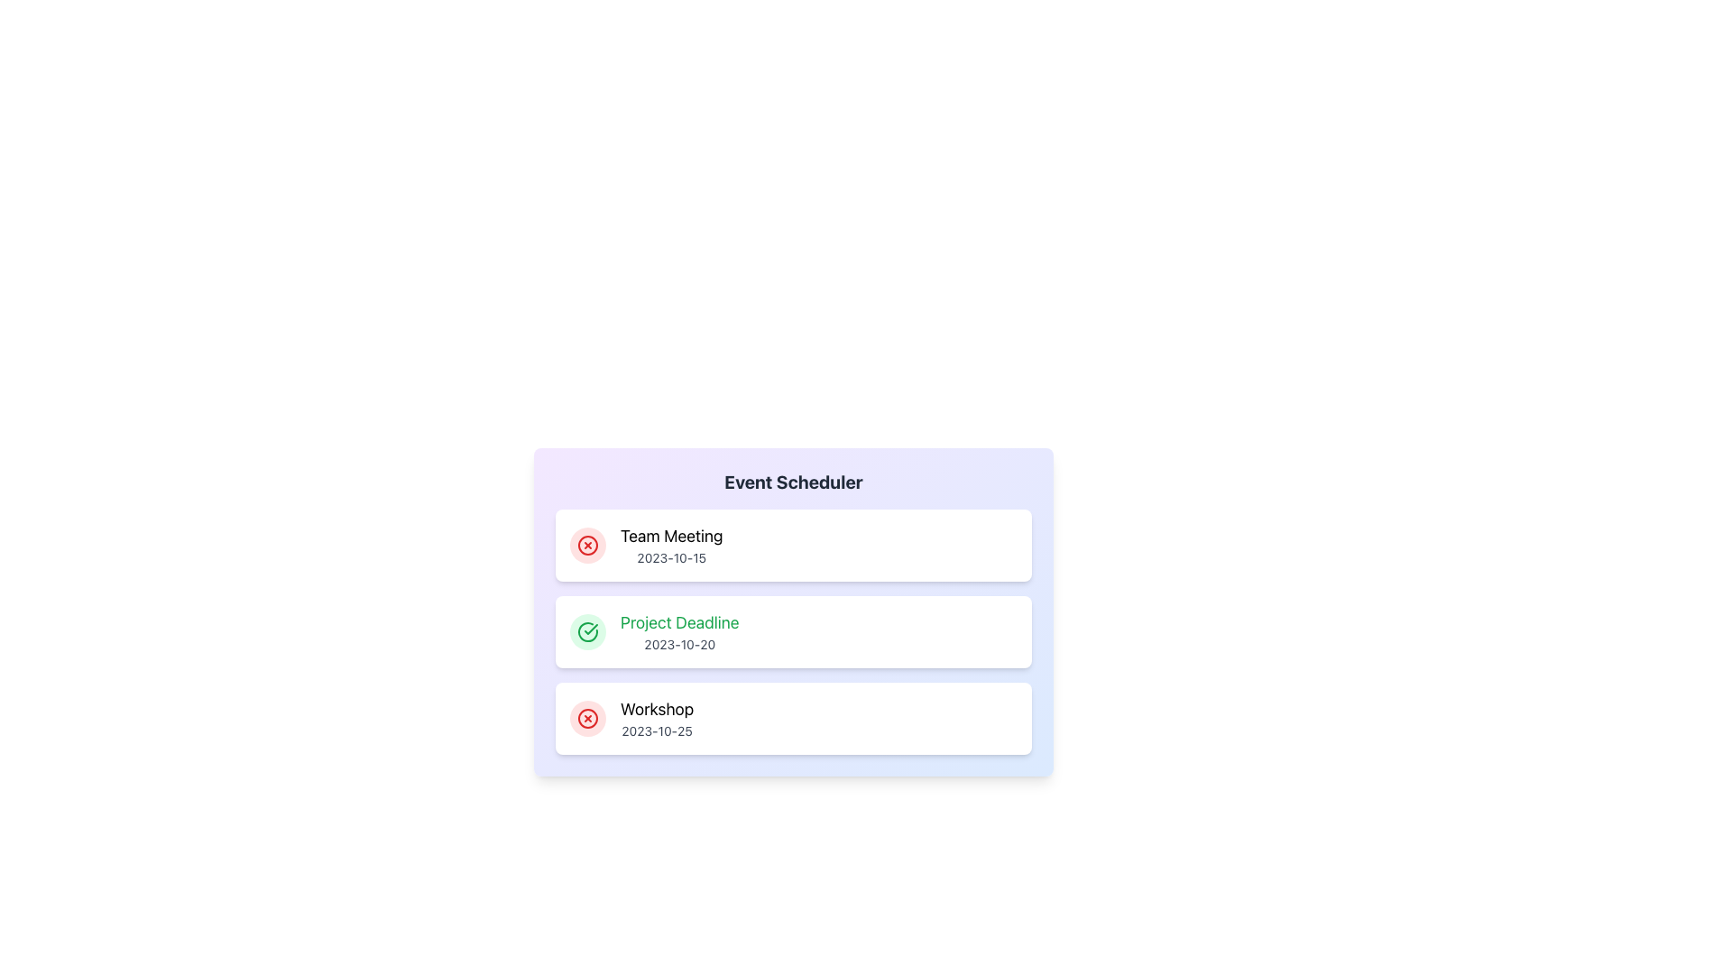 This screenshot has height=974, width=1732. I want to click on the text label displaying the scheduled project's deadline date, located in the second card of a vertical list, directly below the 'Project Deadline' text, so click(678, 643).